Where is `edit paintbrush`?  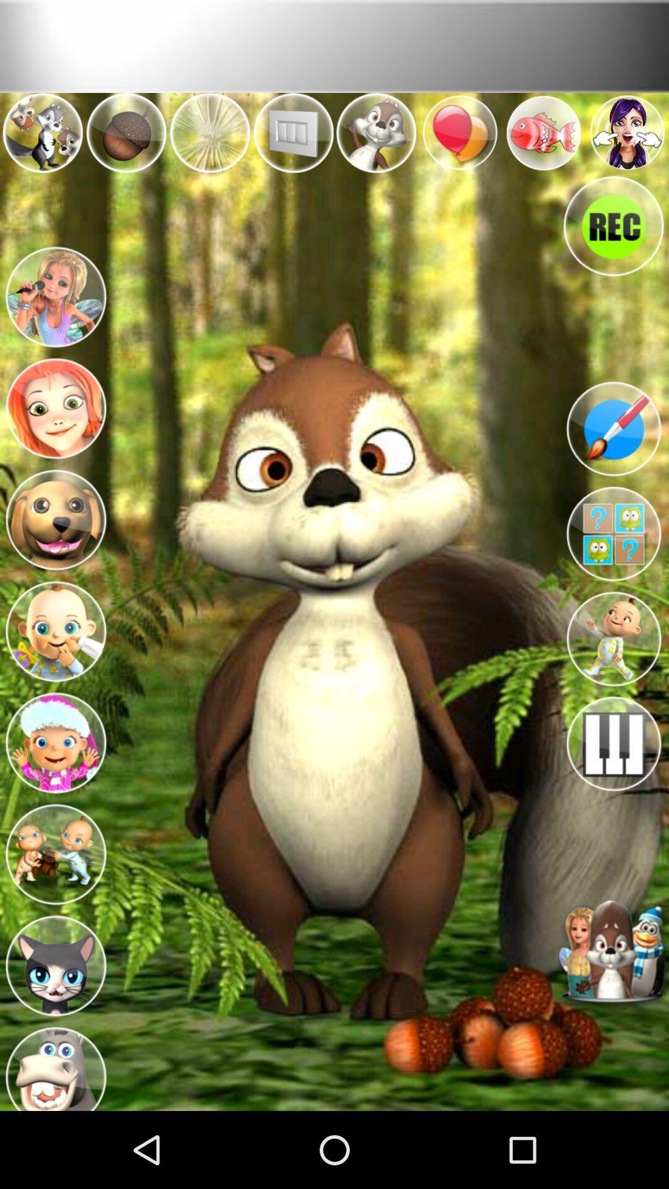 edit paintbrush is located at coordinates (613, 429).